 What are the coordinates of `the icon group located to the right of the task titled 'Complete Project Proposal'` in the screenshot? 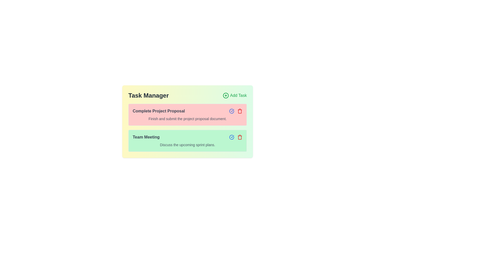 It's located at (236, 111).